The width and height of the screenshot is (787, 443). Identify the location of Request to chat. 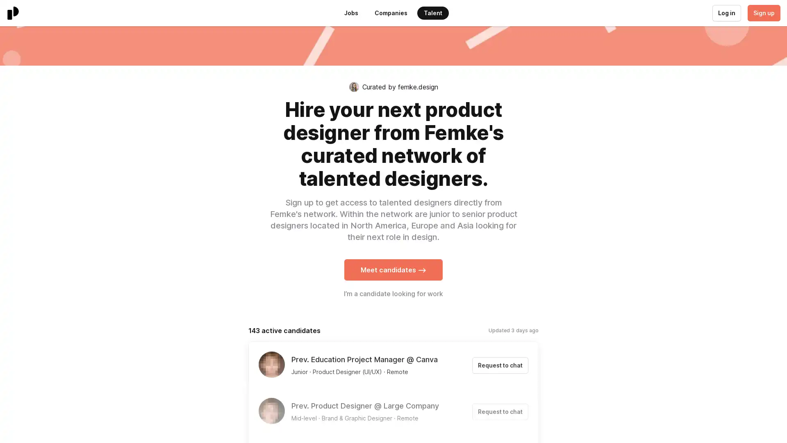
(500, 365).